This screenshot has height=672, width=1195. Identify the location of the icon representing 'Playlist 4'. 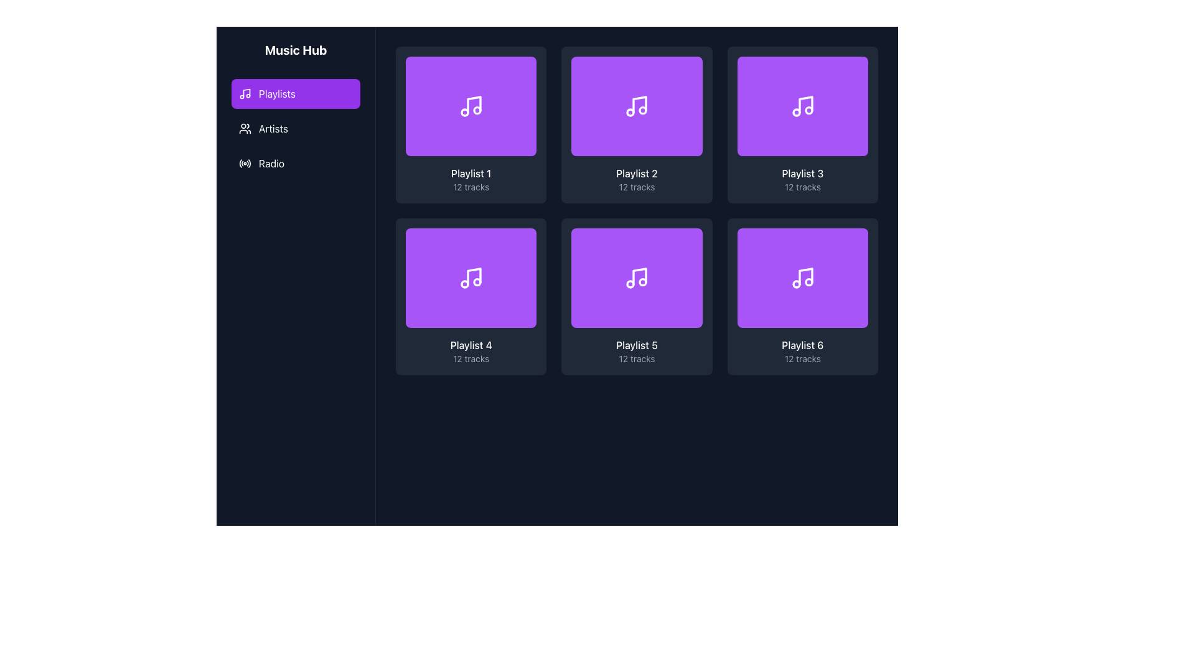
(471, 278).